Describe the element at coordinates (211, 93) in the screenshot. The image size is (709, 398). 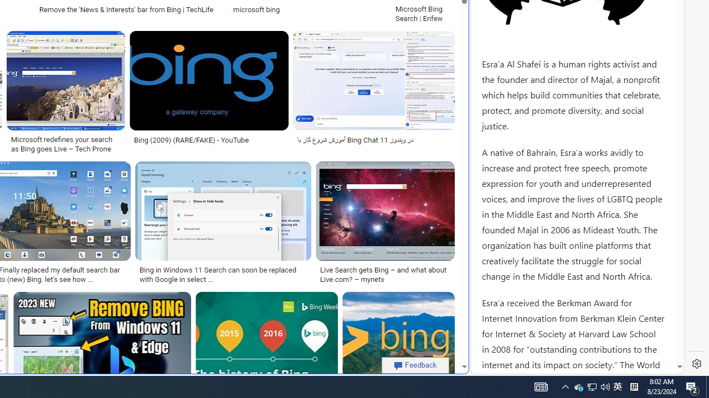
I see `'Bing (2009) (RARE/FAKE) - YouTubeSave'` at that location.